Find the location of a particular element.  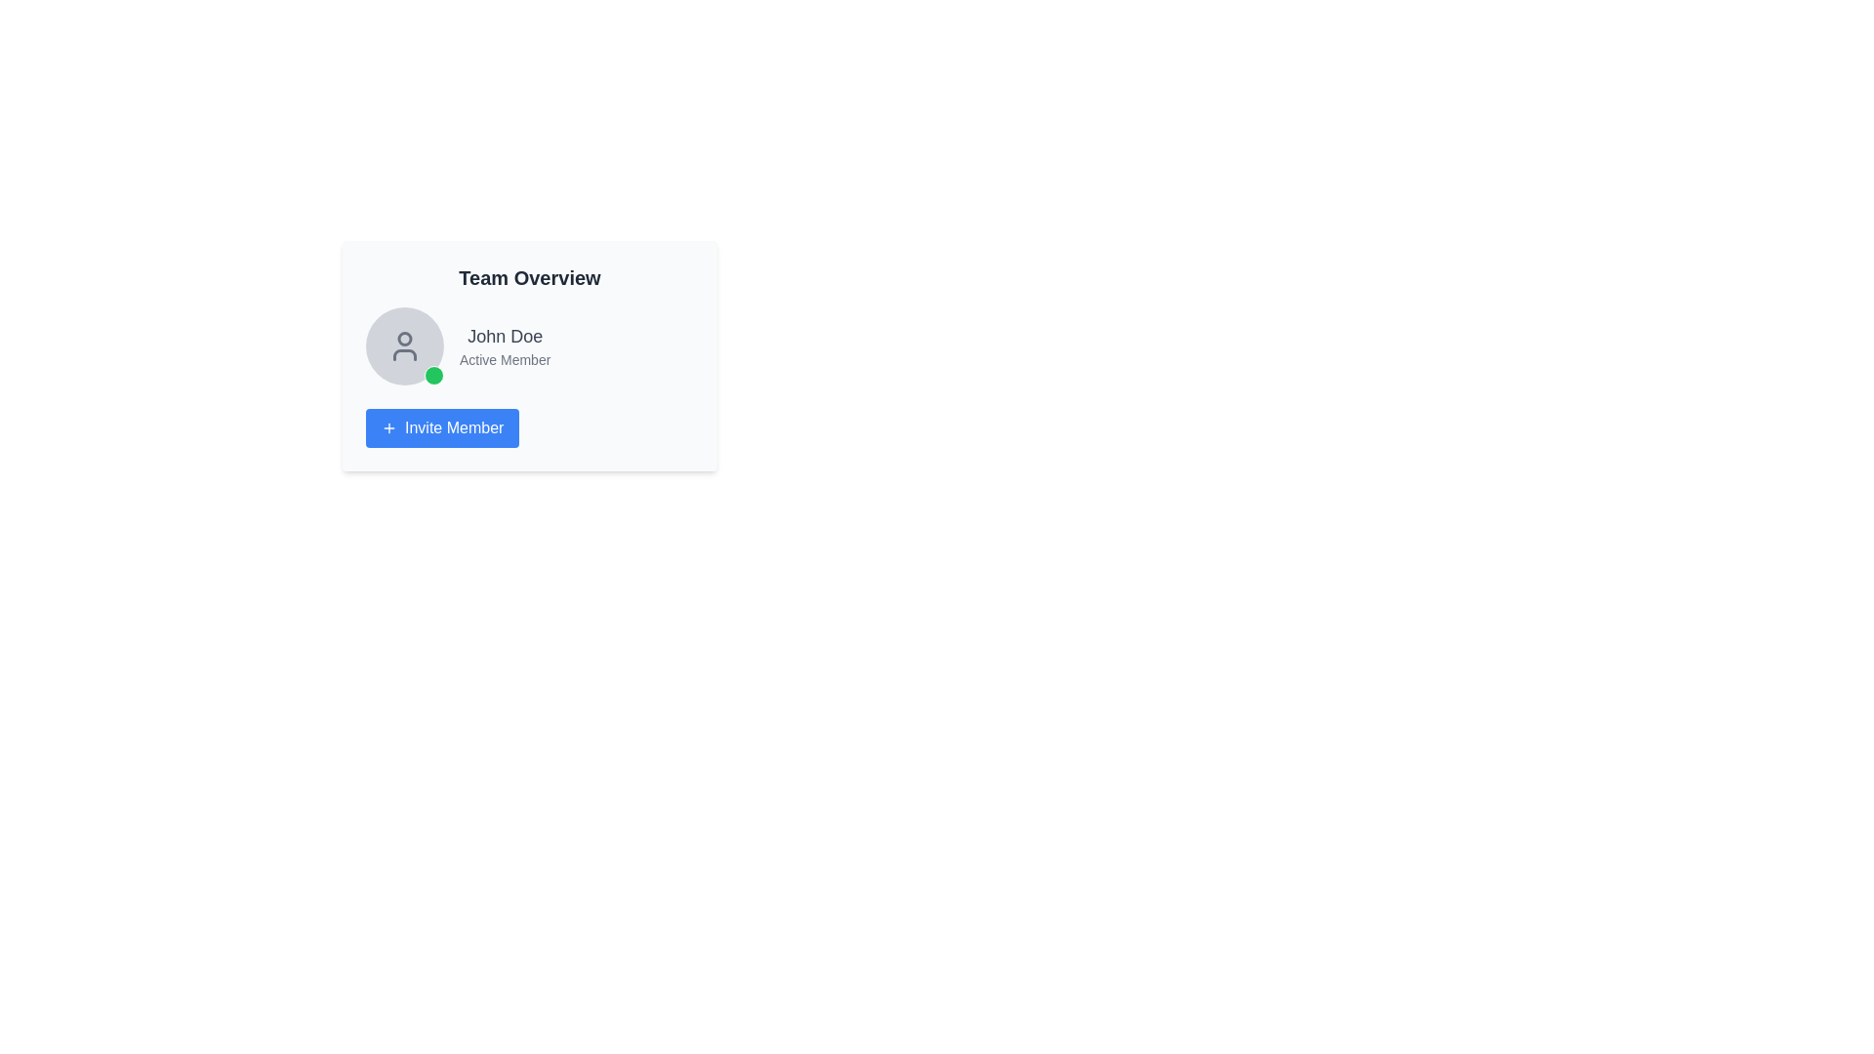

the button labeled 'Invite Member' with a blue background and a white plus symbol located at the bottom of the 'Team Overview' card to trigger hover effects is located at coordinates (441, 427).